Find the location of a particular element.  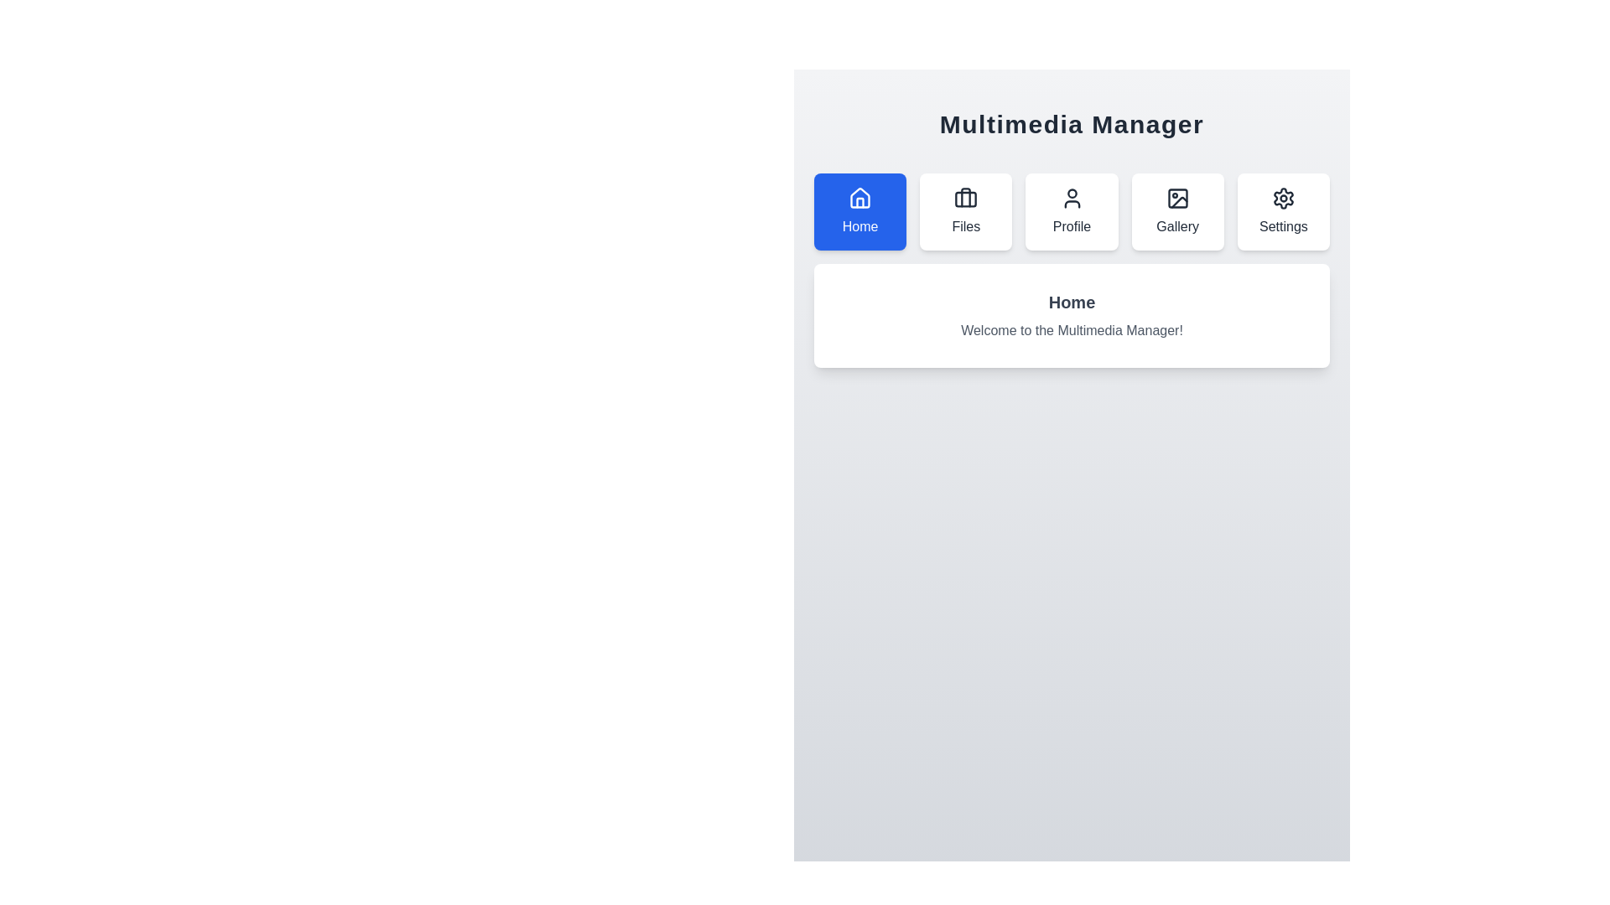

the gear icon within the 'Settings' button, which is the last button in a horizontal list of options at the top center of the interface is located at coordinates (1282, 197).